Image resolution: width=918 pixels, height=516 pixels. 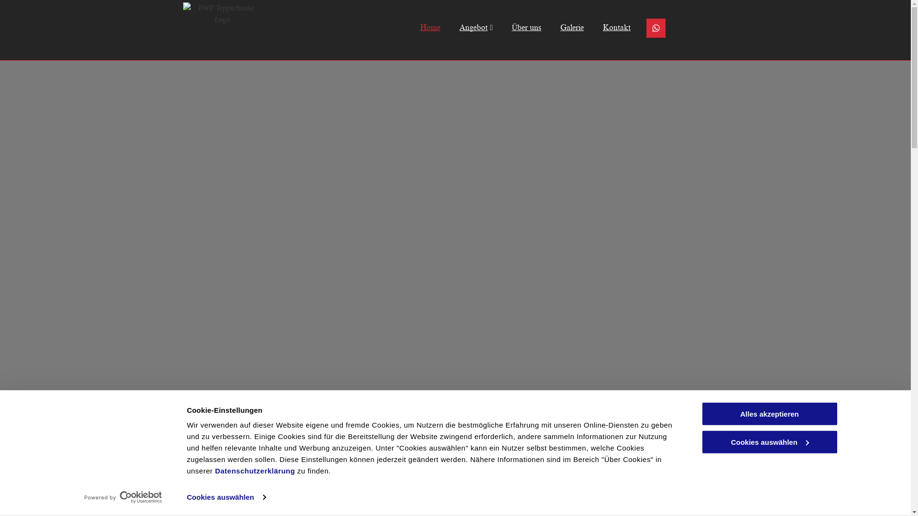 I want to click on 'Kontakt', so click(x=607, y=27).